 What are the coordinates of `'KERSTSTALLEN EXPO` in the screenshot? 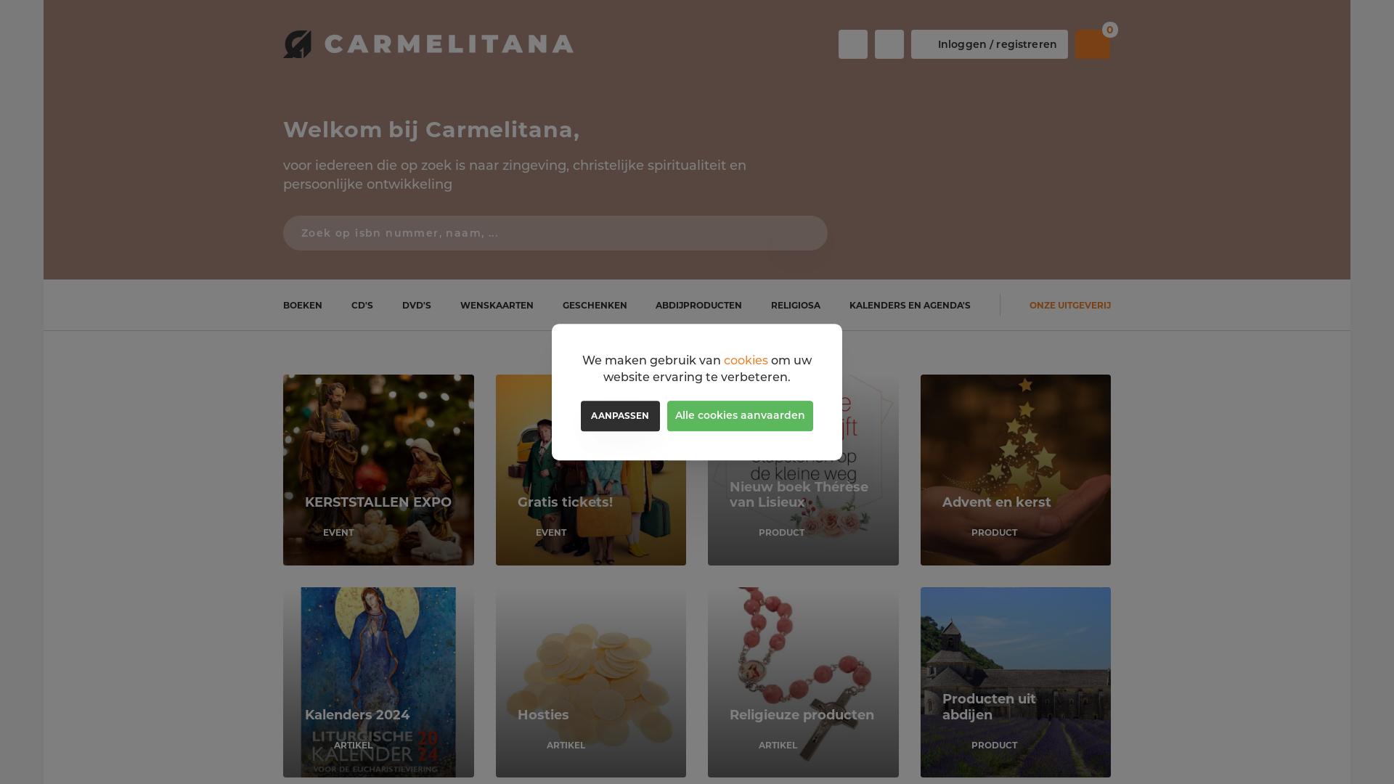 It's located at (378, 470).